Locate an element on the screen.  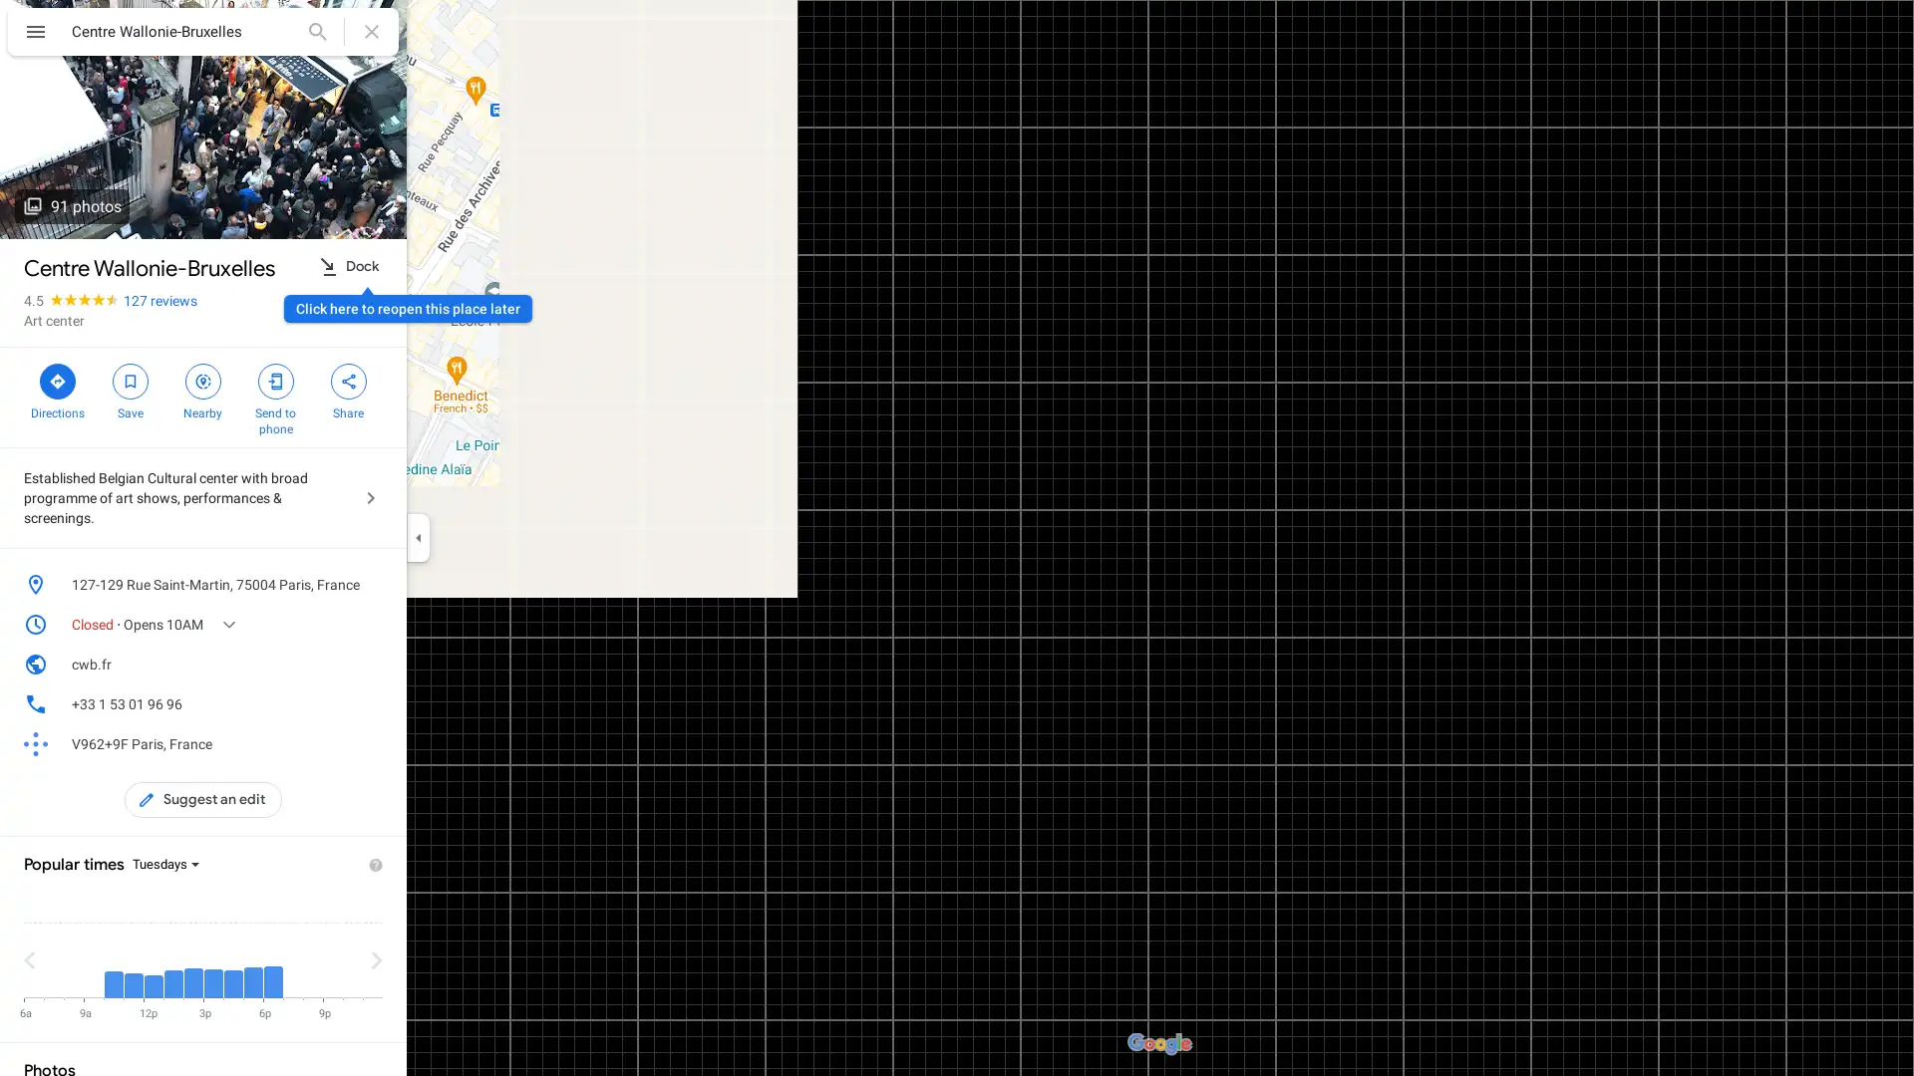
Menu is located at coordinates (35, 34).